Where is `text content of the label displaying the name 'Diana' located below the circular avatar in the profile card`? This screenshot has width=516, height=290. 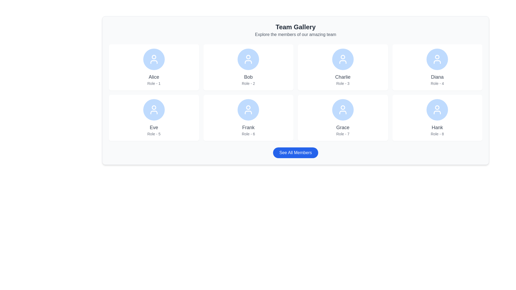 text content of the label displaying the name 'Diana' located below the circular avatar in the profile card is located at coordinates (437, 77).